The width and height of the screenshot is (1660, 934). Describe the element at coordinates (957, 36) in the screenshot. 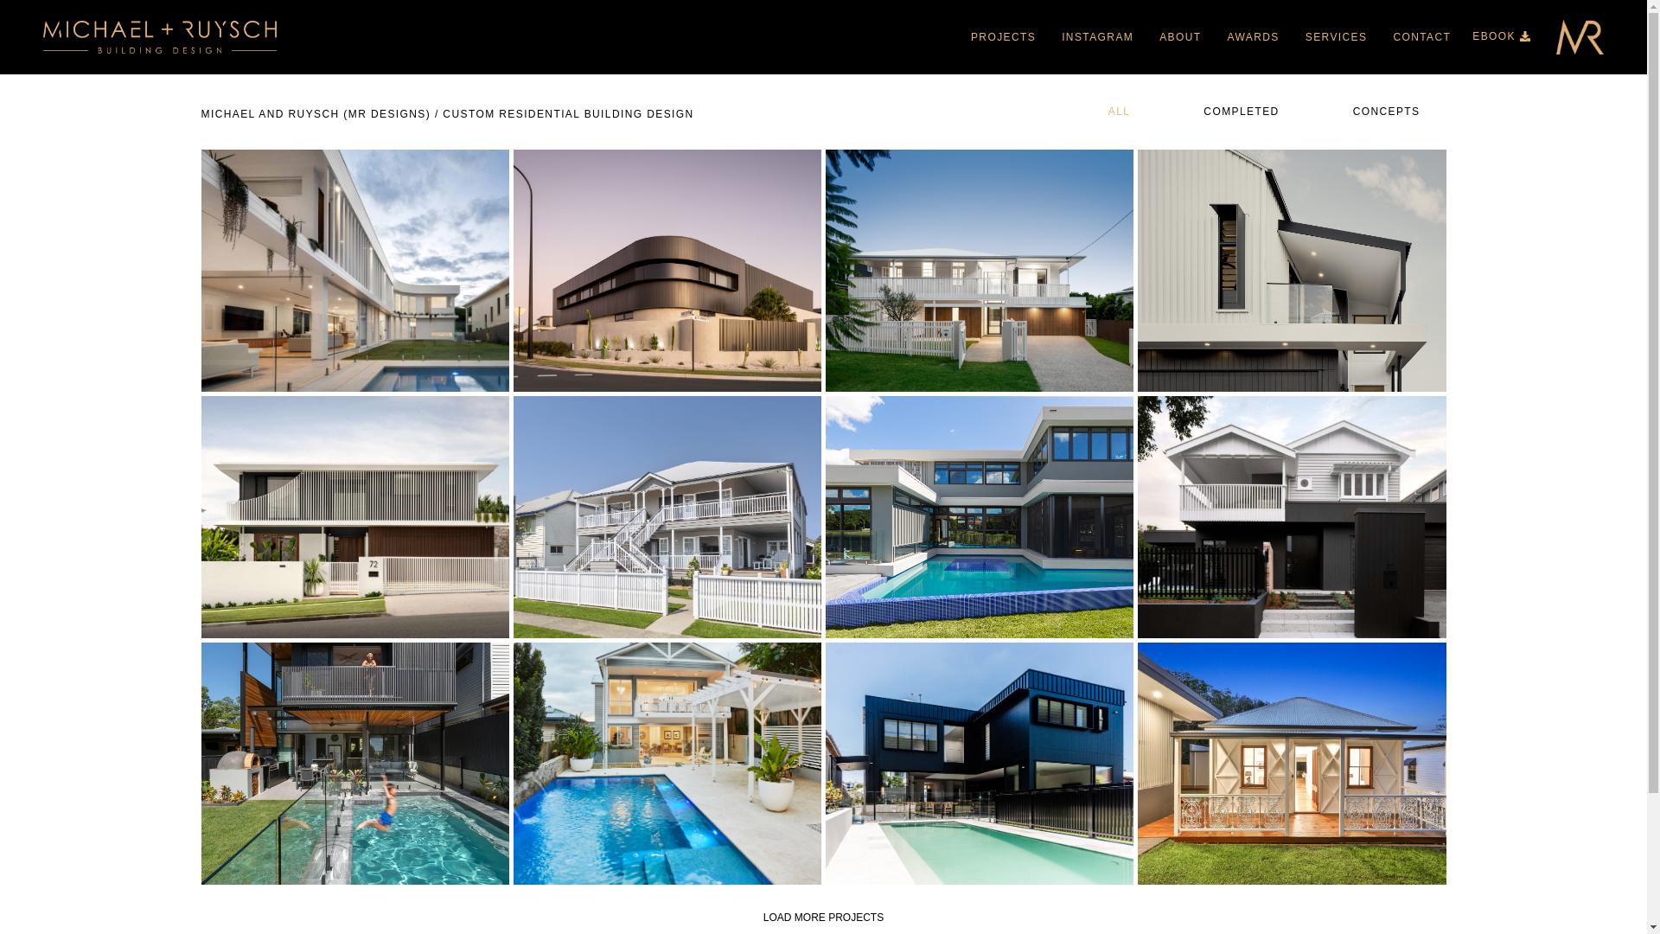

I see `'PROJECTS'` at that location.